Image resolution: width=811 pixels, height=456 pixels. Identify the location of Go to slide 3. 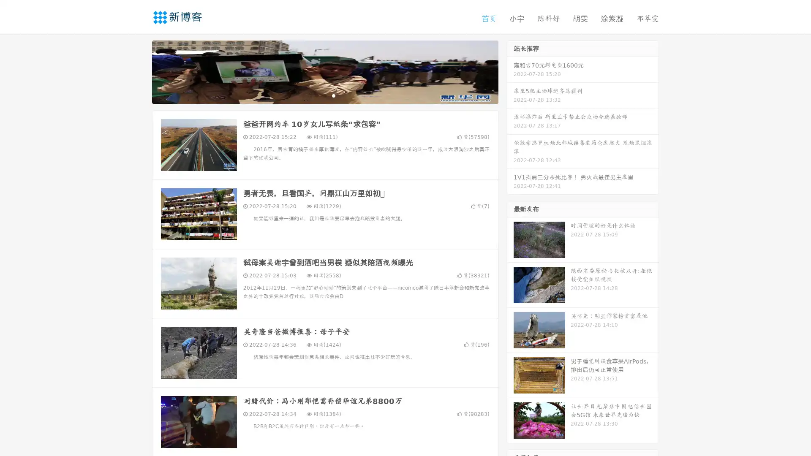
(333, 95).